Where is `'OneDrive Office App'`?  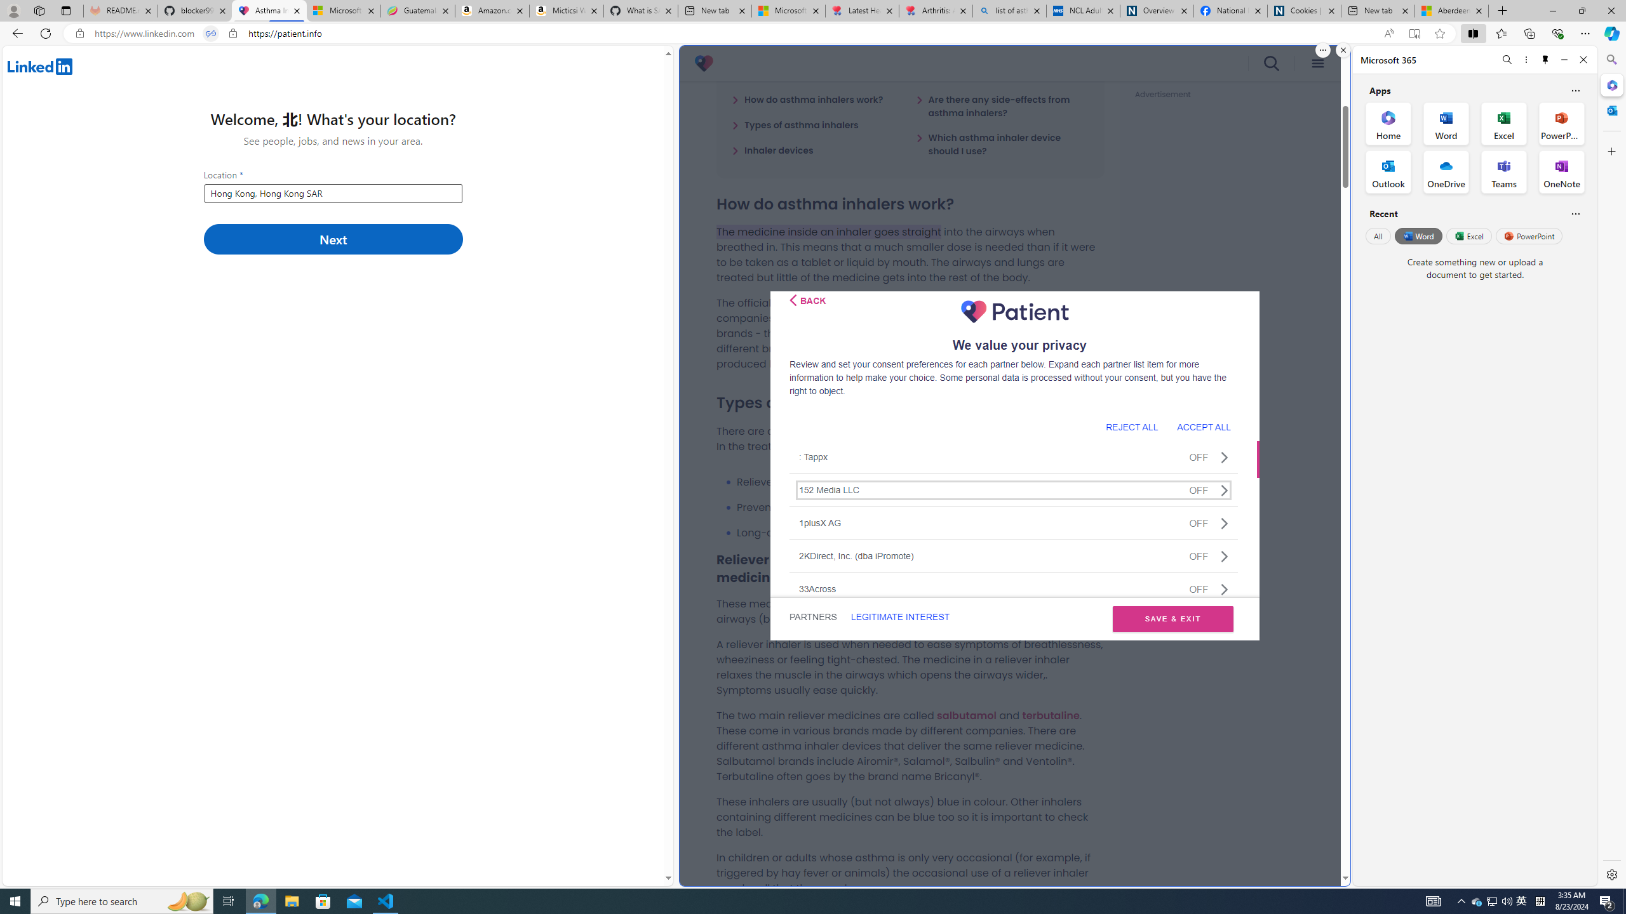
'OneDrive Office App' is located at coordinates (1446, 172).